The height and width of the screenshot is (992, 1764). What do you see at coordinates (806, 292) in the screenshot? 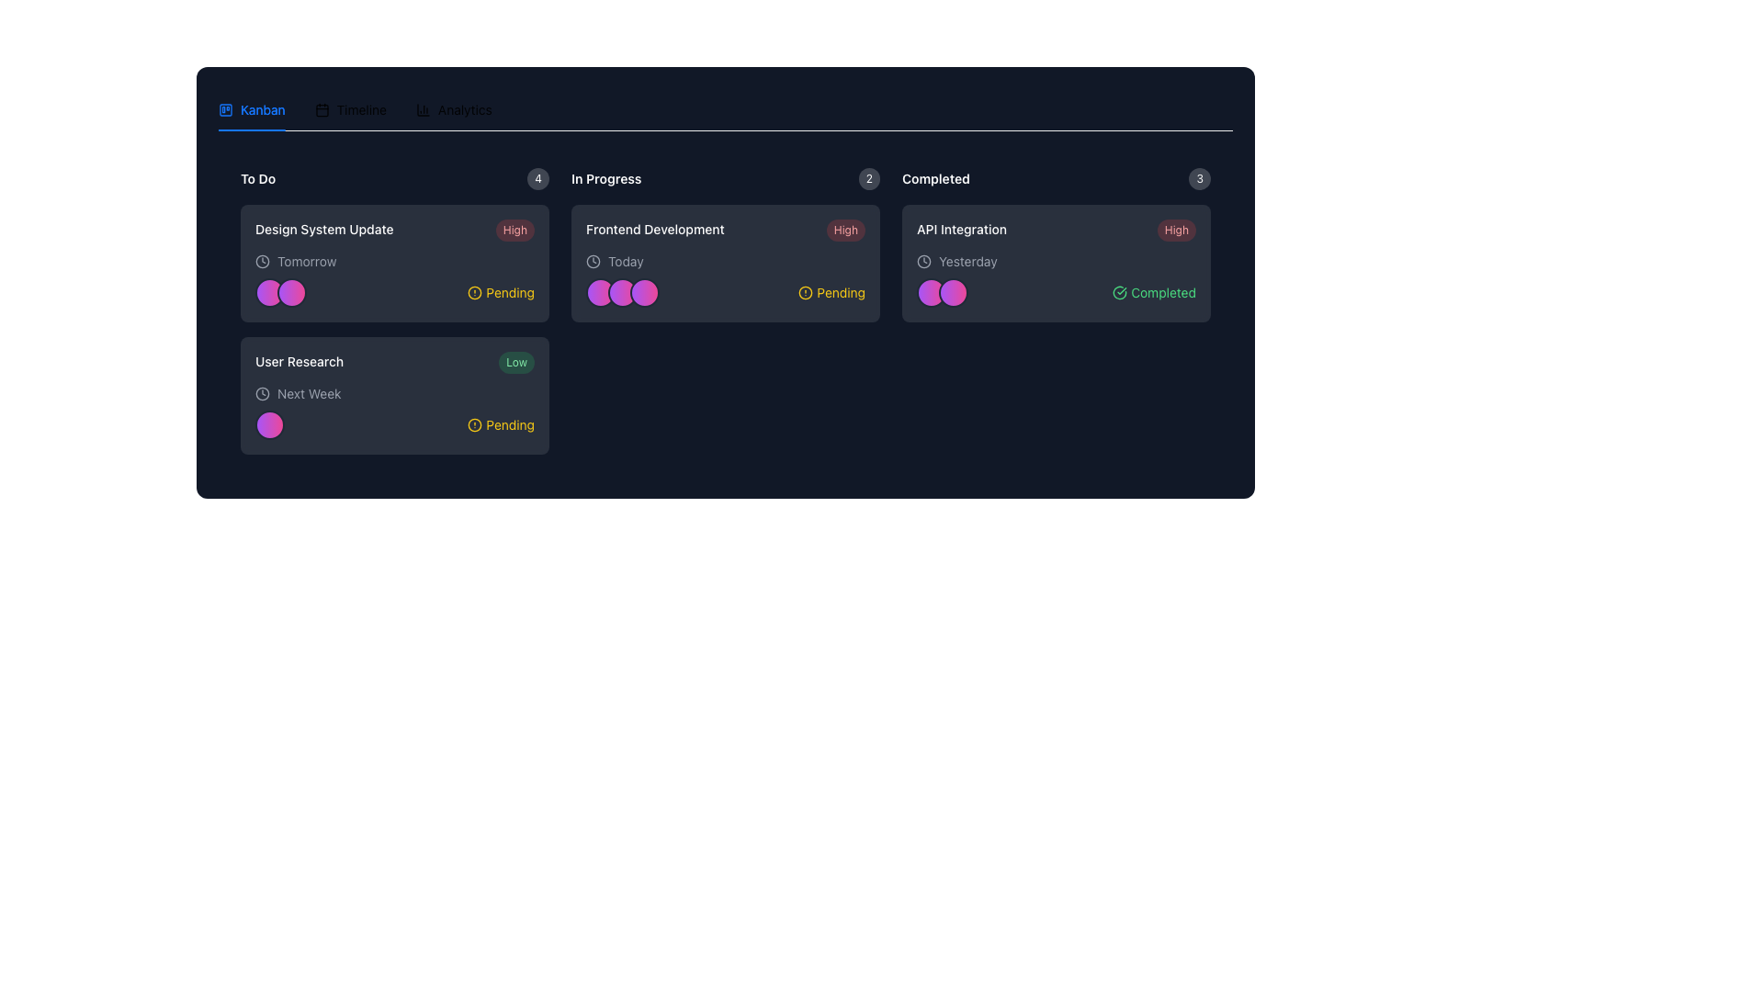
I see `the SVG Circle Element located in the 'In Progress' section near the 'Frontend Development' card, which serves as a visual indicator for status` at bounding box center [806, 292].